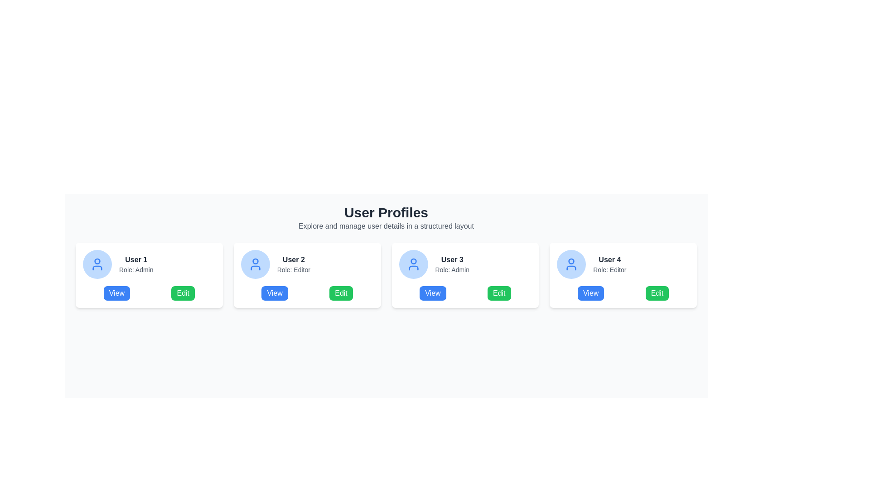 The image size is (870, 489). Describe the element at coordinates (274, 293) in the screenshot. I see `the blue button labeled 'View' with rounded corners, located in the second user profile card, to trigger the hover effect` at that location.